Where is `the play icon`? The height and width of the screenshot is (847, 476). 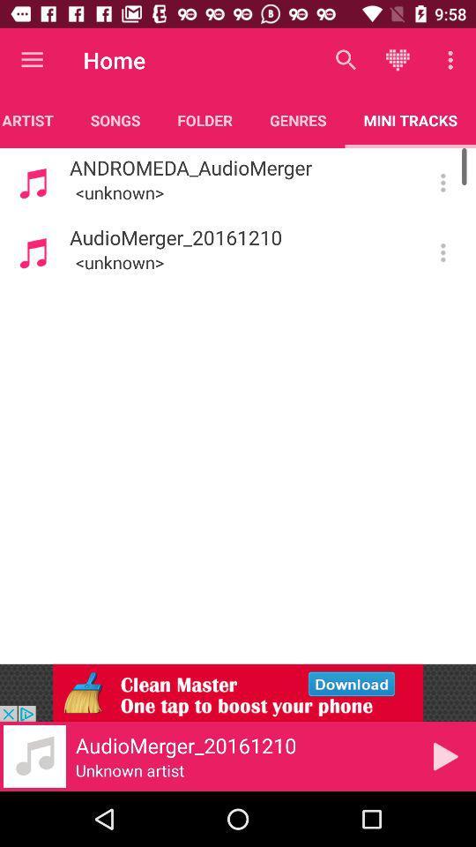 the play icon is located at coordinates (444, 755).